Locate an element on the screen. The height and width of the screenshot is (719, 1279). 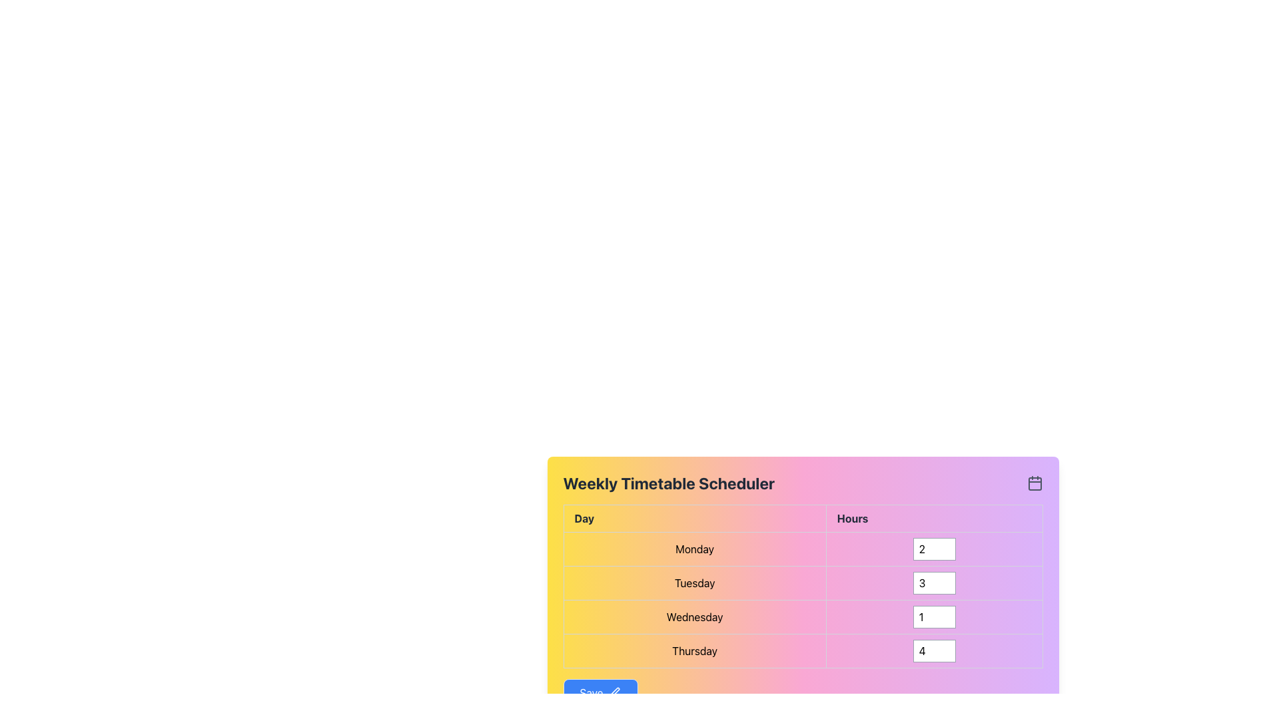
the Table Cell displaying 'Tuesday' in bold text, located in the second row of the table under the 'Day' column is located at coordinates (694, 582).